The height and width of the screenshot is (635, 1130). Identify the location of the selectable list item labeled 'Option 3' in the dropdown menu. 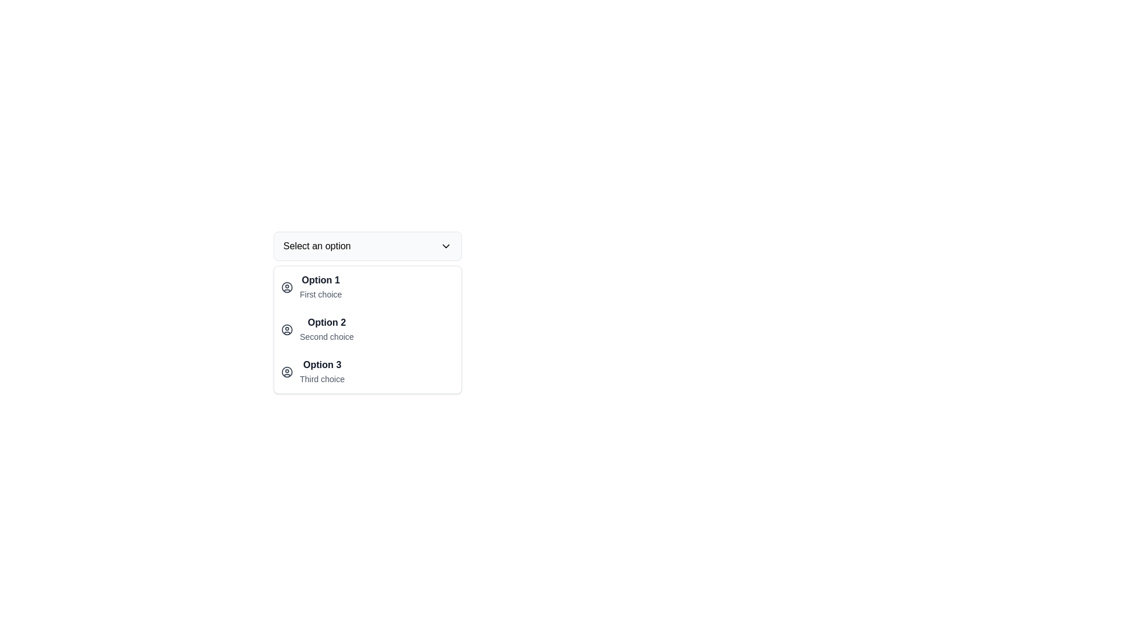
(367, 355).